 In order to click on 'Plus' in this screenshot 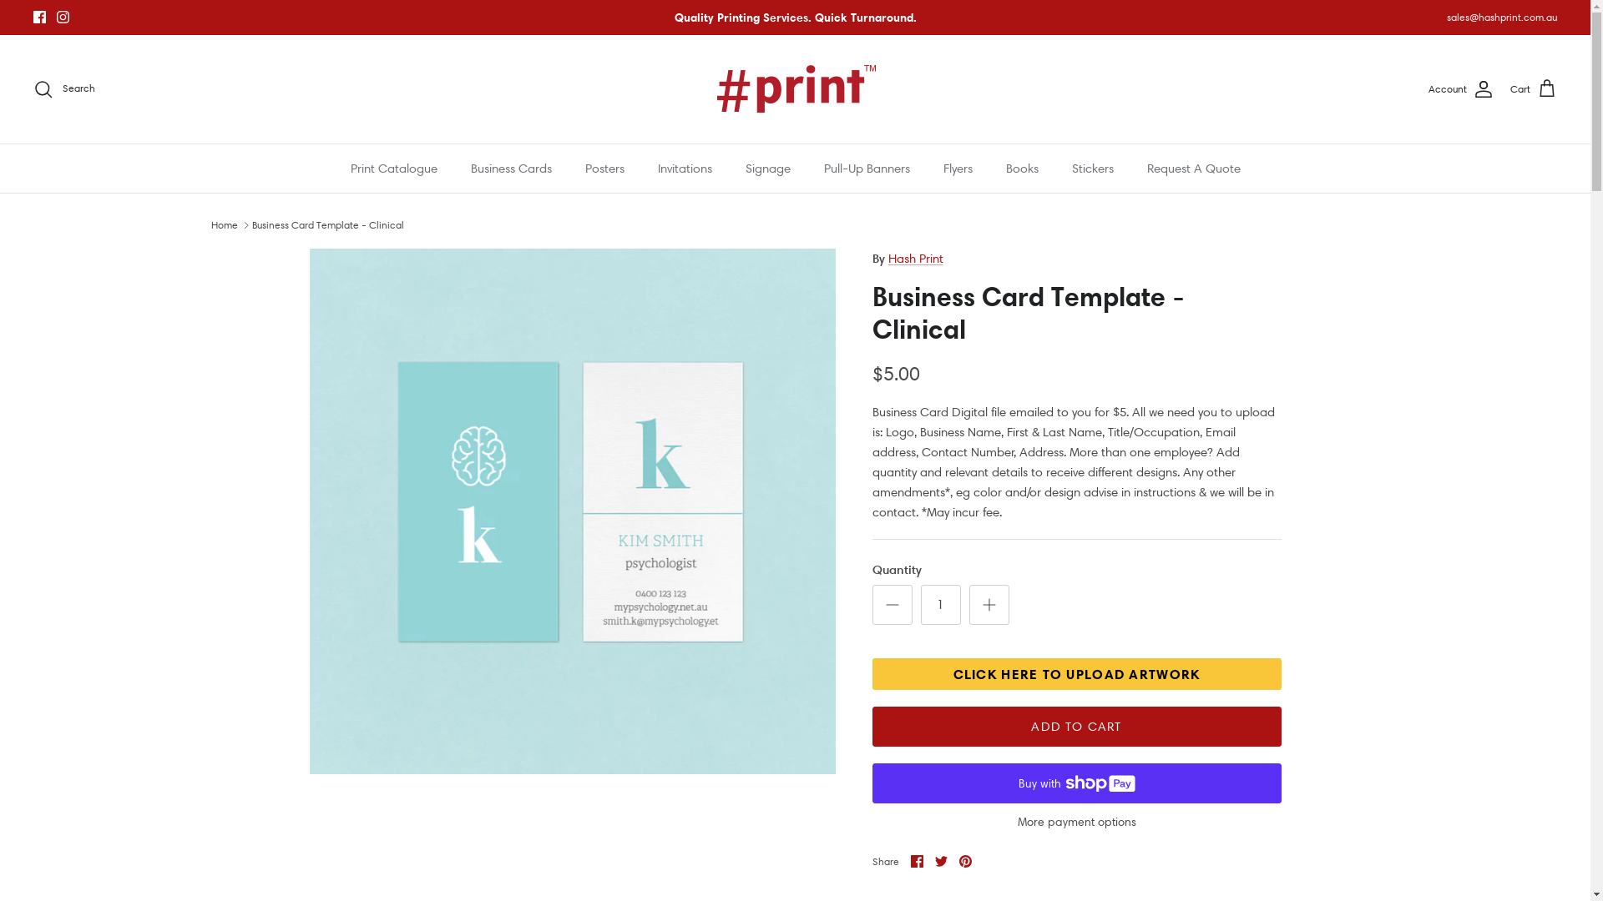, I will do `click(989, 605)`.